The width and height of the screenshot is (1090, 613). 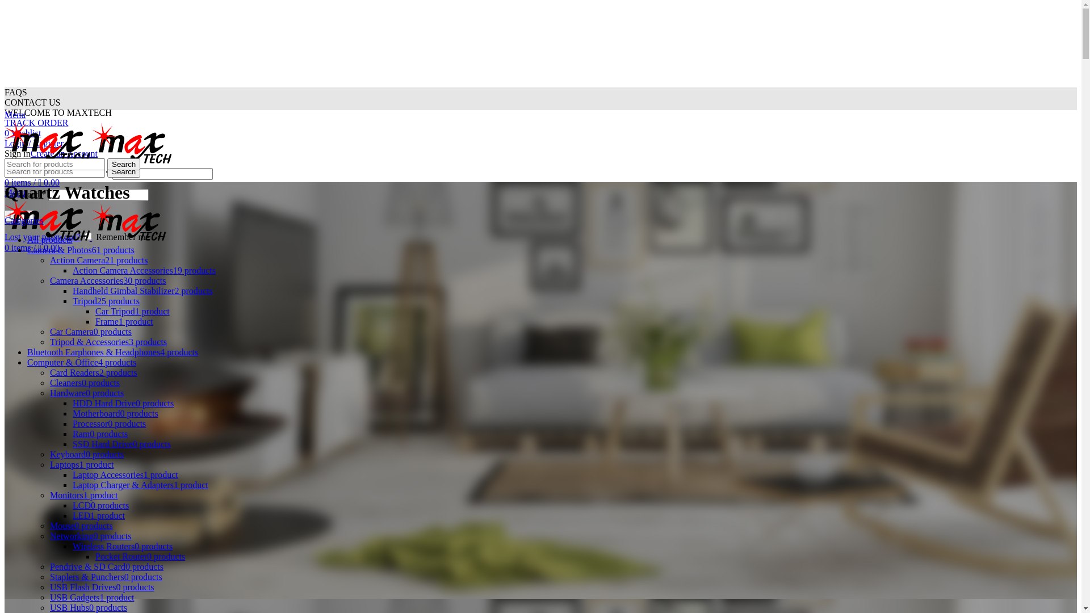 What do you see at coordinates (42, 236) in the screenshot?
I see `'Lost your password?'` at bounding box center [42, 236].